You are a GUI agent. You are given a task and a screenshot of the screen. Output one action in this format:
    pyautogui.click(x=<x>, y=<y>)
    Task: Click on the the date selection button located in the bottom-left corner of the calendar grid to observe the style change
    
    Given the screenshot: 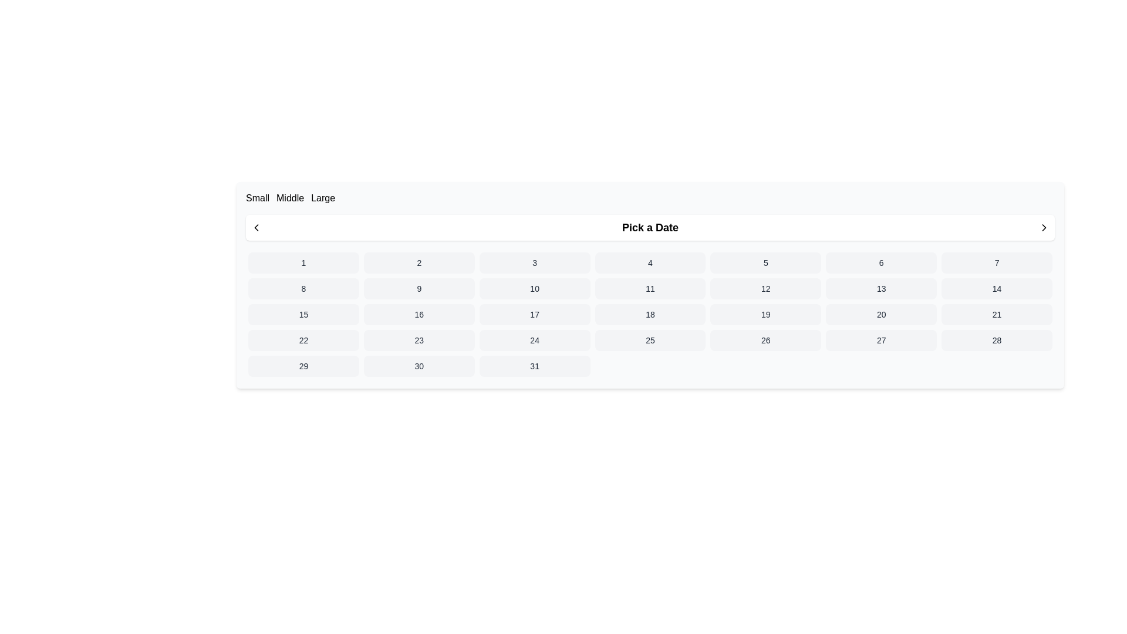 What is the action you would take?
    pyautogui.click(x=303, y=366)
    